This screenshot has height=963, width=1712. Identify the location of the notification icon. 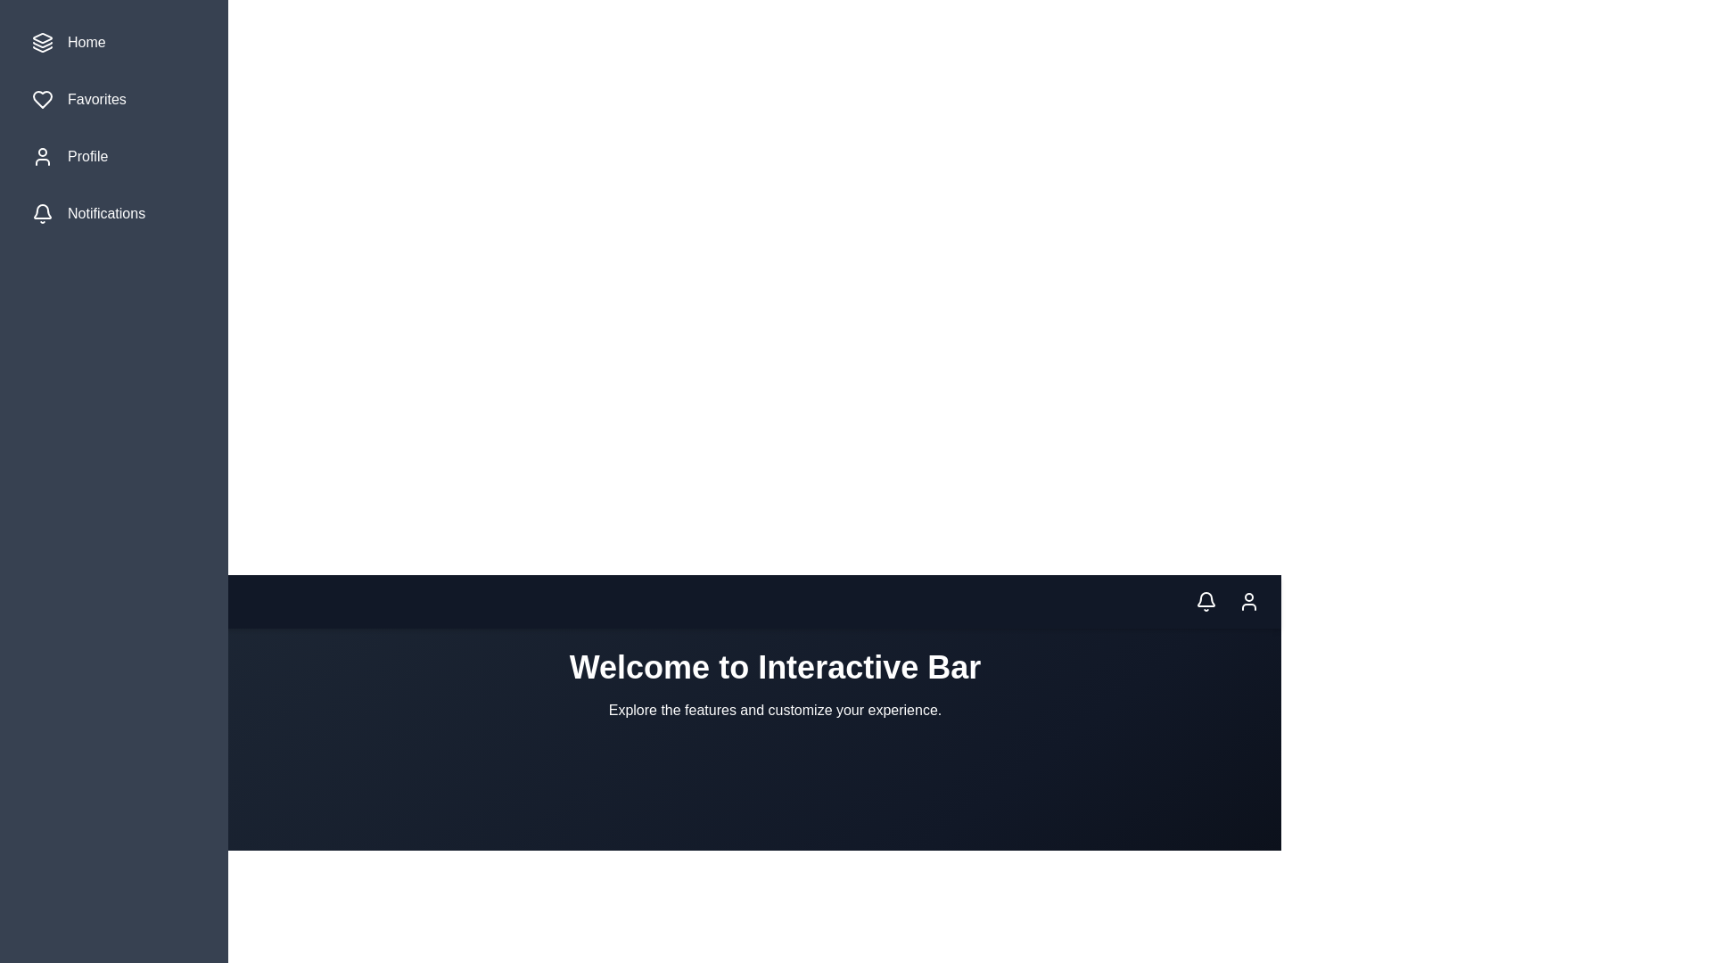
(1206, 602).